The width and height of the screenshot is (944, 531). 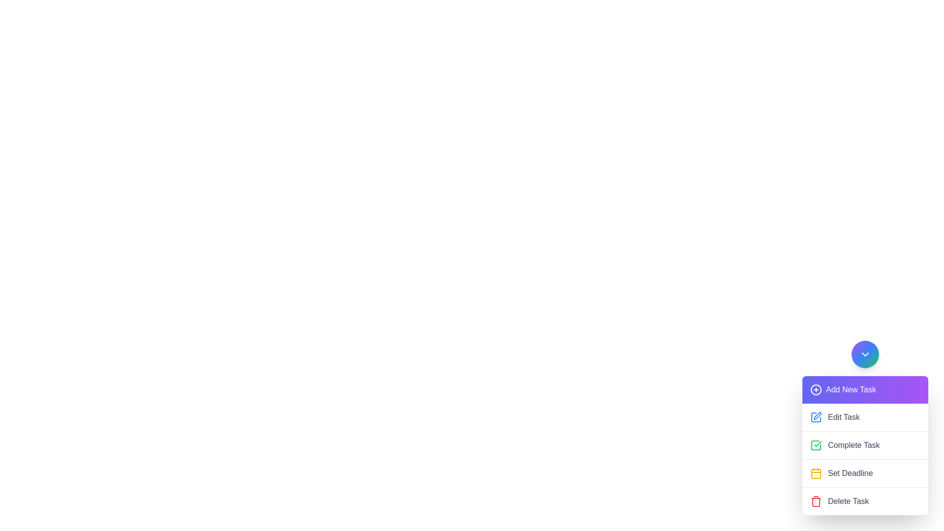 What do you see at coordinates (816, 417) in the screenshot?
I see `keyboard navigation` at bounding box center [816, 417].